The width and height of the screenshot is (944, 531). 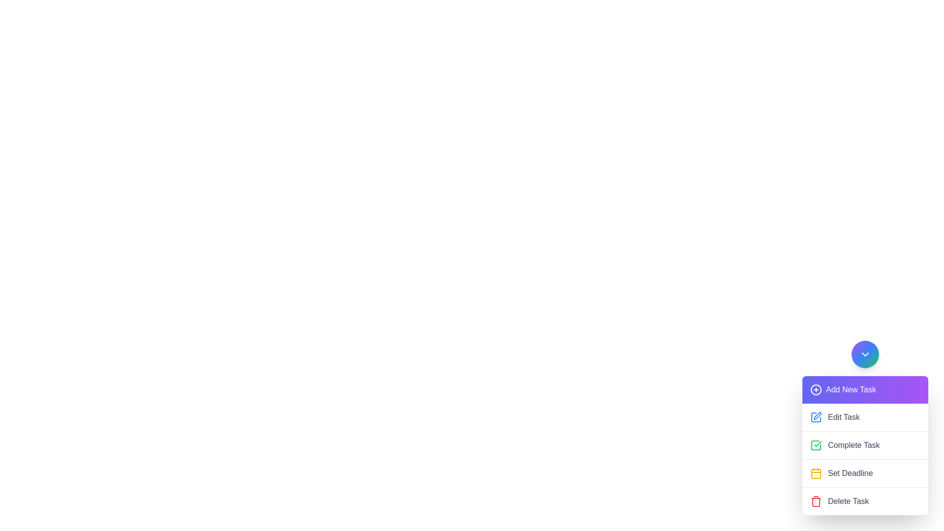 What do you see at coordinates (816, 417) in the screenshot?
I see `keyboard navigation` at bounding box center [816, 417].